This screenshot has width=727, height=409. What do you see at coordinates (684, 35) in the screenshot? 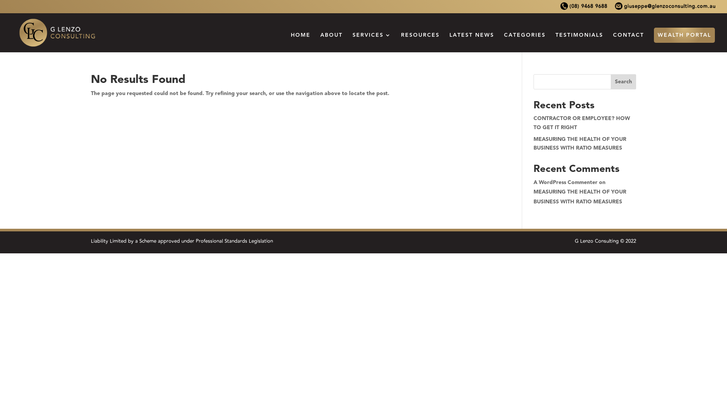
I see `'WEALTH PORTAL'` at bounding box center [684, 35].